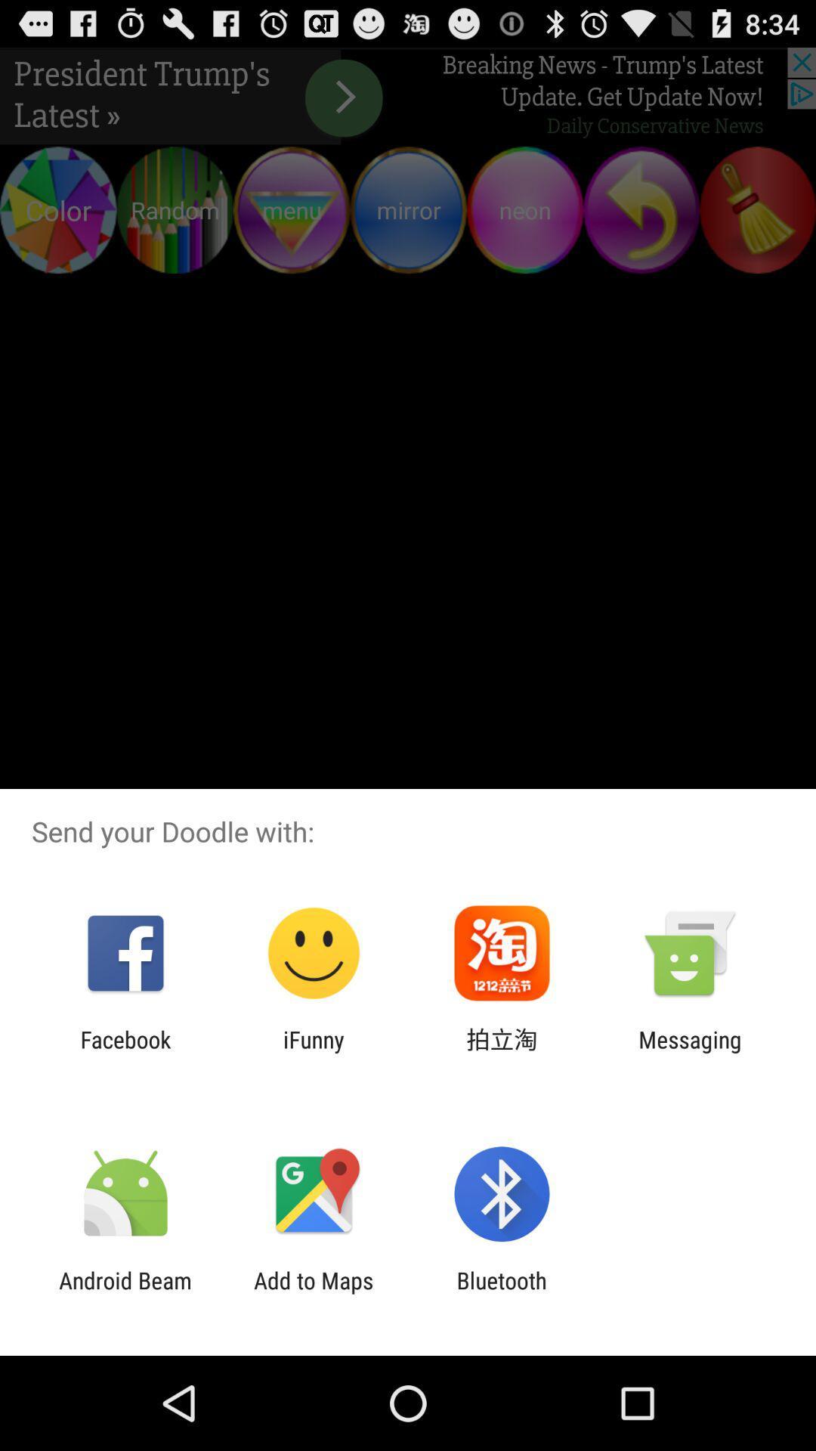 The width and height of the screenshot is (816, 1451). Describe the element at coordinates (313, 1052) in the screenshot. I see `ifunny icon` at that location.